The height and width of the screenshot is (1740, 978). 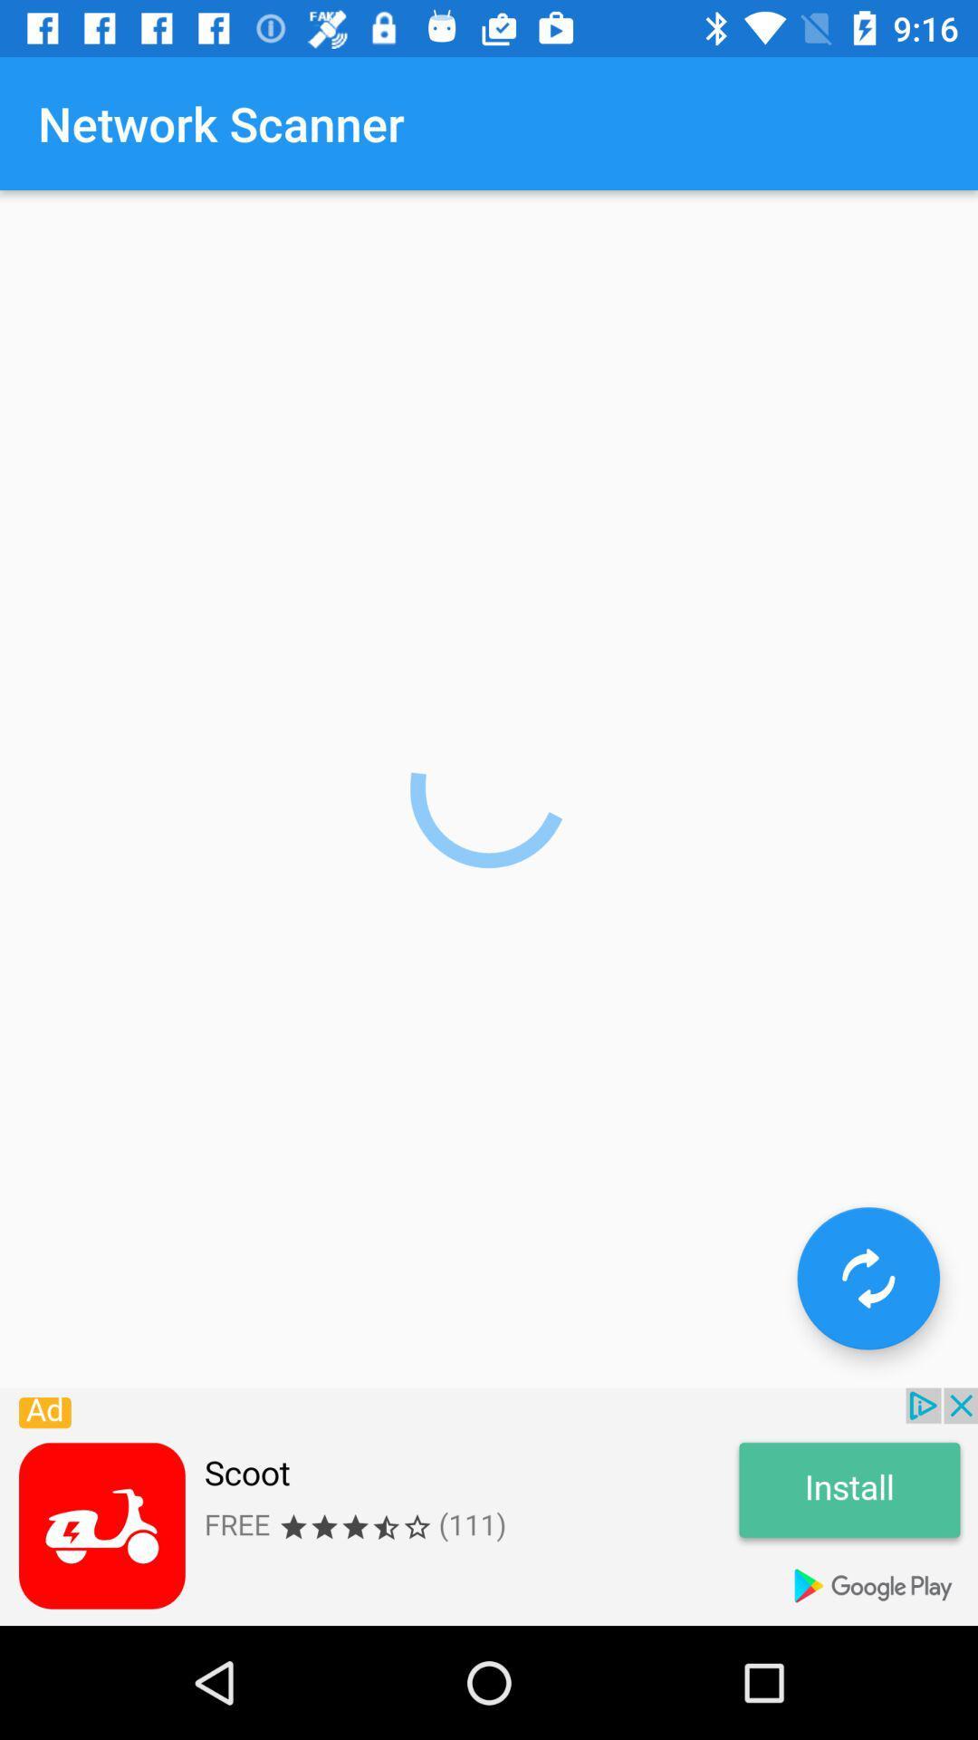 I want to click on refresh, so click(x=868, y=1277).